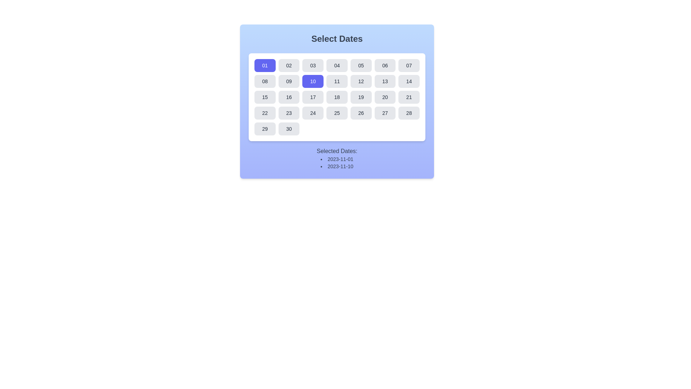  Describe the element at coordinates (337, 65) in the screenshot. I see `the button representing the date '04' in the calendar interface` at that location.